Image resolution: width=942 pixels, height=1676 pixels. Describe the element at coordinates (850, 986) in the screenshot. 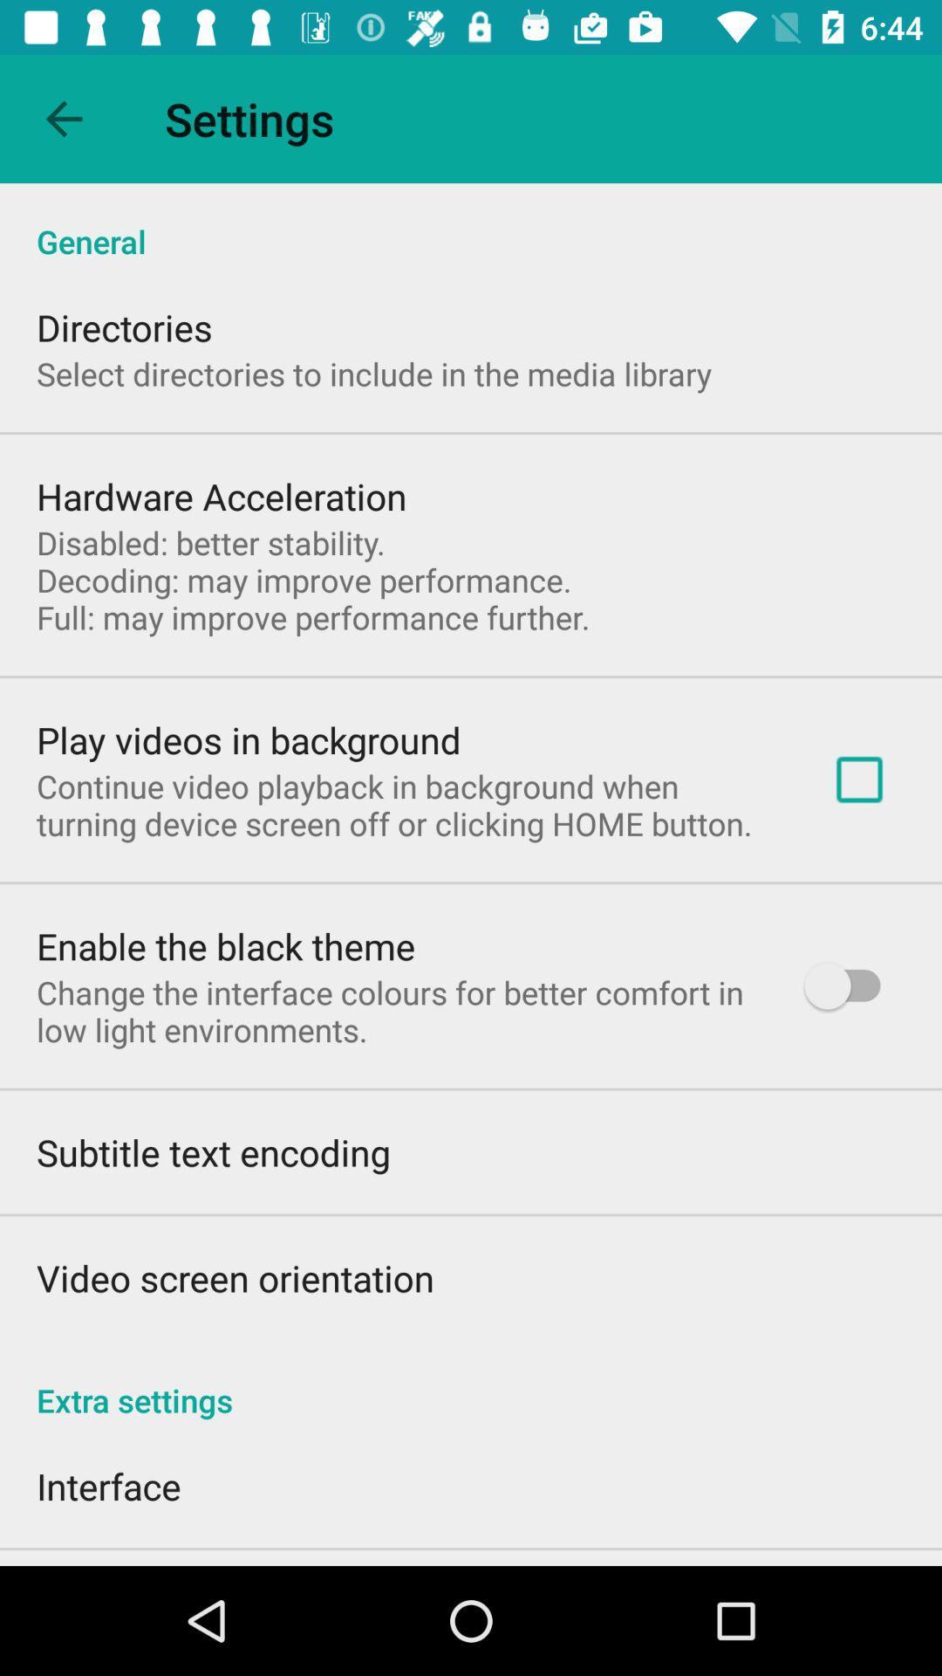

I see `the item above extra settings app` at that location.